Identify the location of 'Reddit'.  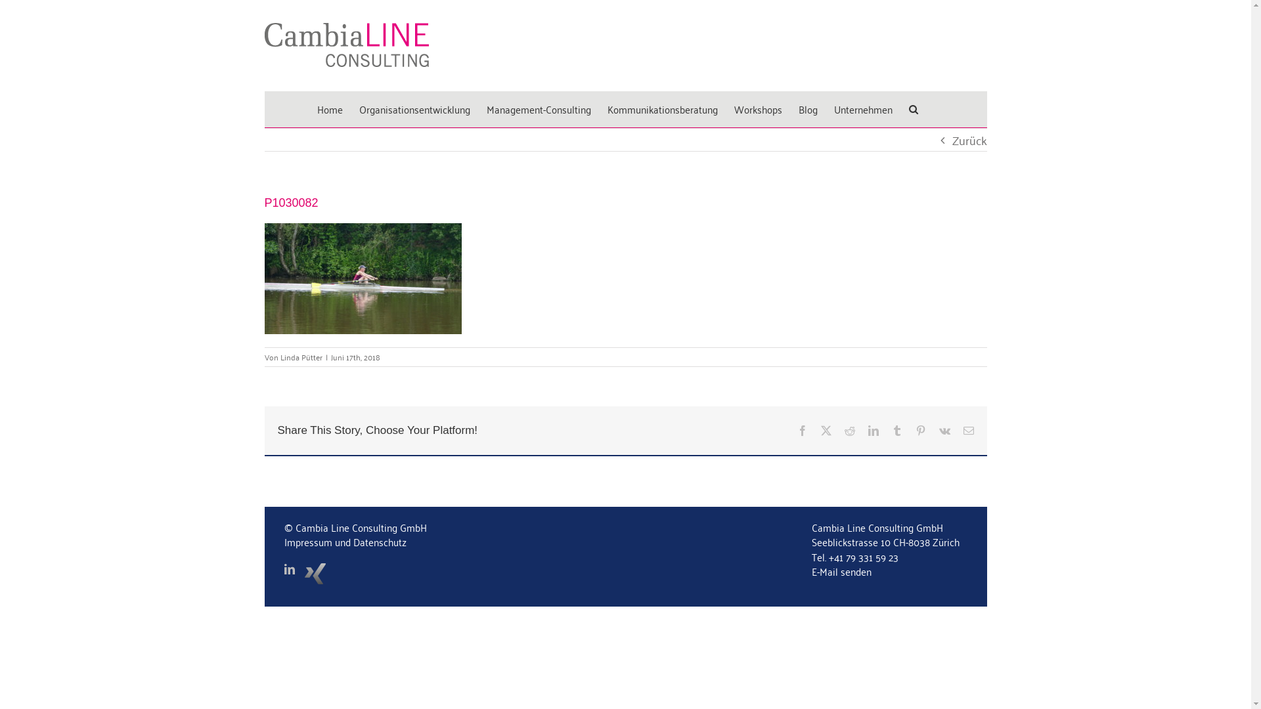
(850, 430).